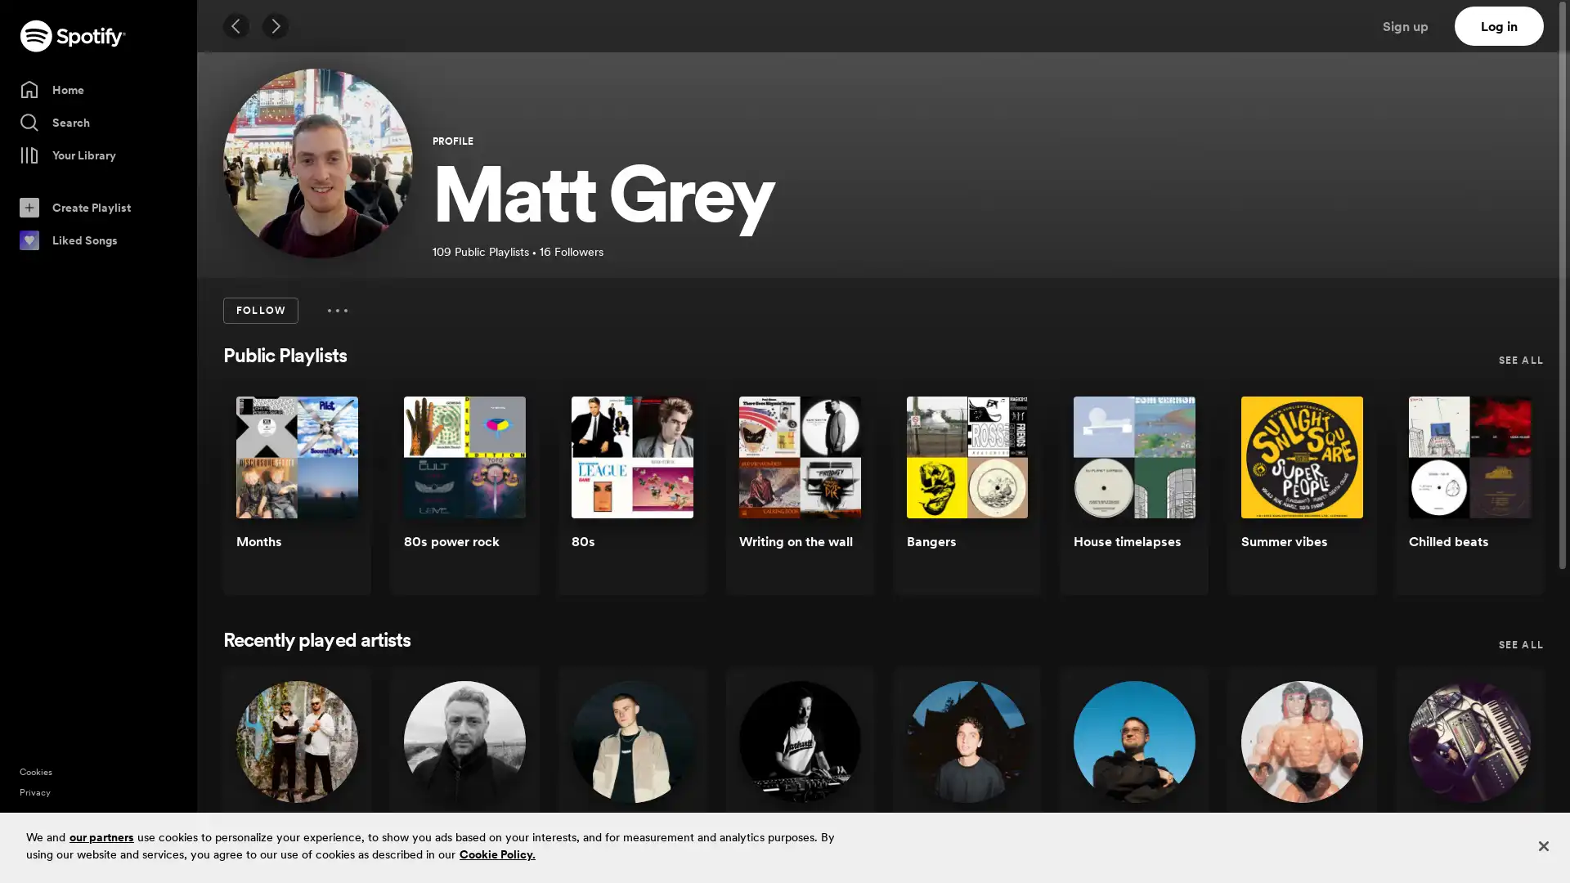 This screenshot has height=883, width=1570. I want to click on Play Fasme, so click(833, 781).